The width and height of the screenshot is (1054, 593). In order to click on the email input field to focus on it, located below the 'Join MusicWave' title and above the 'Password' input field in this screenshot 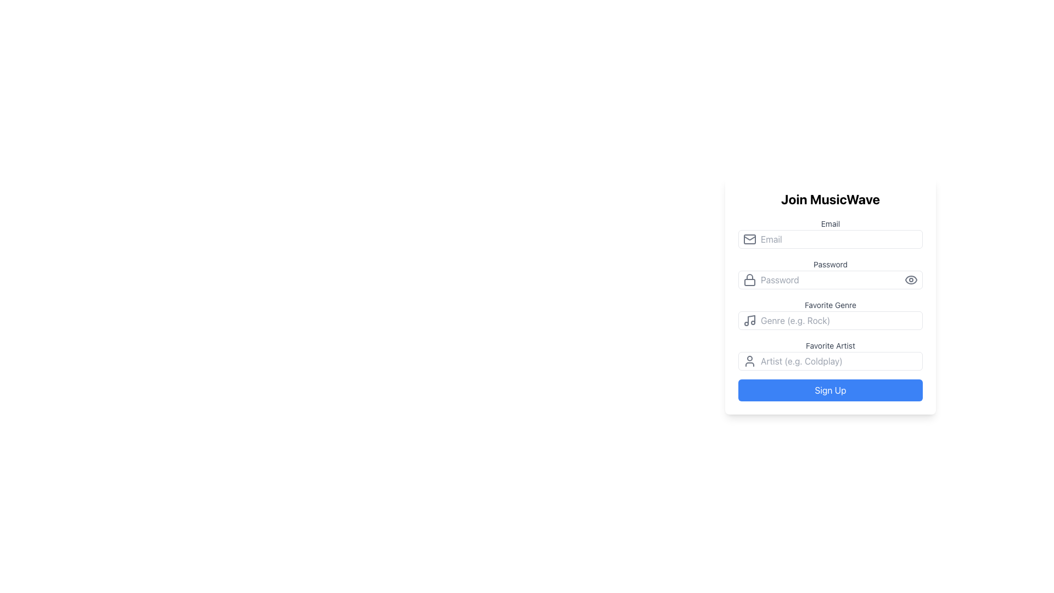, I will do `click(839, 238)`.